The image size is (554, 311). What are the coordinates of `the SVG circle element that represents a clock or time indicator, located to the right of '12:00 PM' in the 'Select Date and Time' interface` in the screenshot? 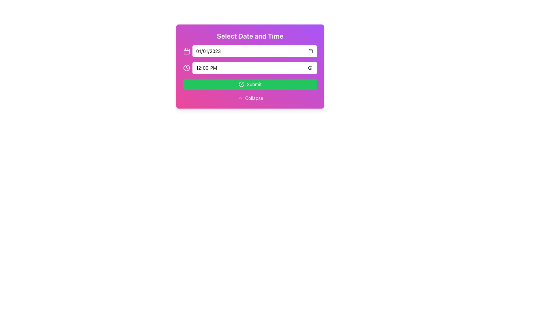 It's located at (187, 67).